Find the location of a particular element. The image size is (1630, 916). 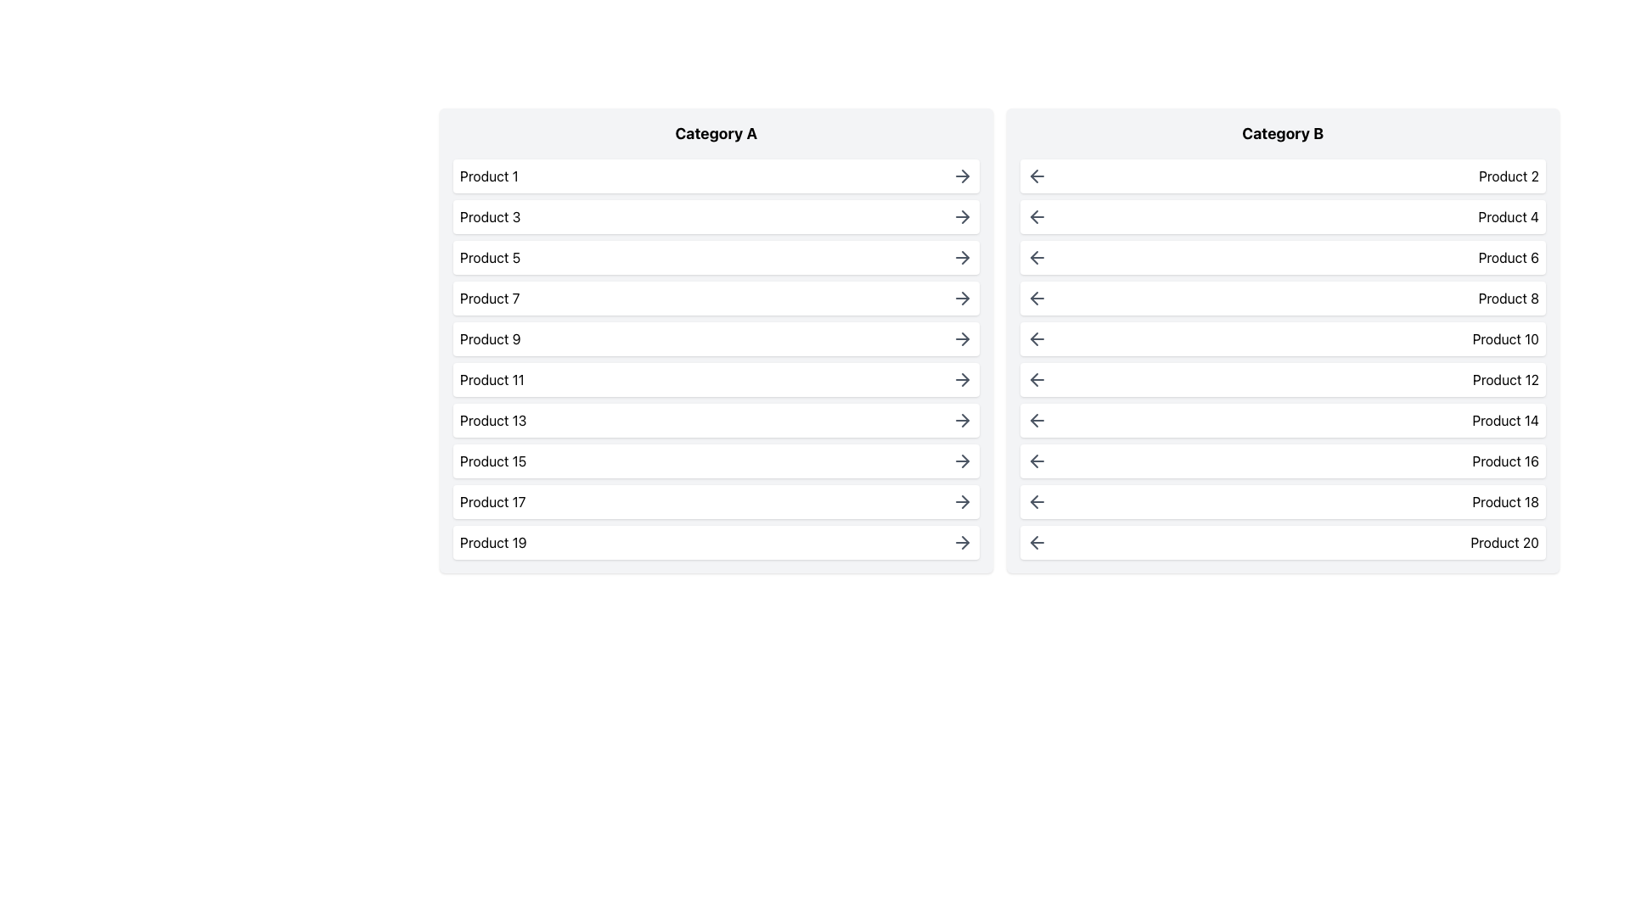

the arrow icon button located at the end of the 'Product 15' entry is located at coordinates (962, 461).